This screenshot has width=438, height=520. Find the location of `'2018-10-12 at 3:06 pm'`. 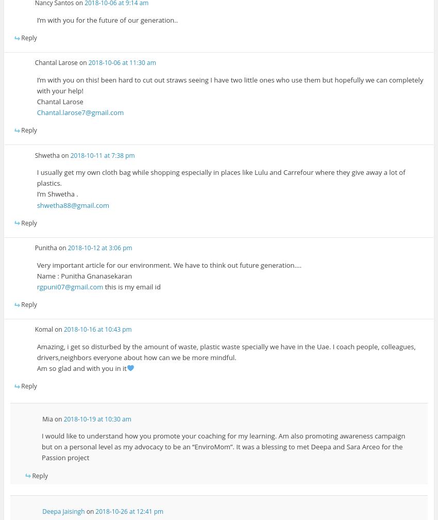

'2018-10-12 at 3:06 pm' is located at coordinates (99, 248).